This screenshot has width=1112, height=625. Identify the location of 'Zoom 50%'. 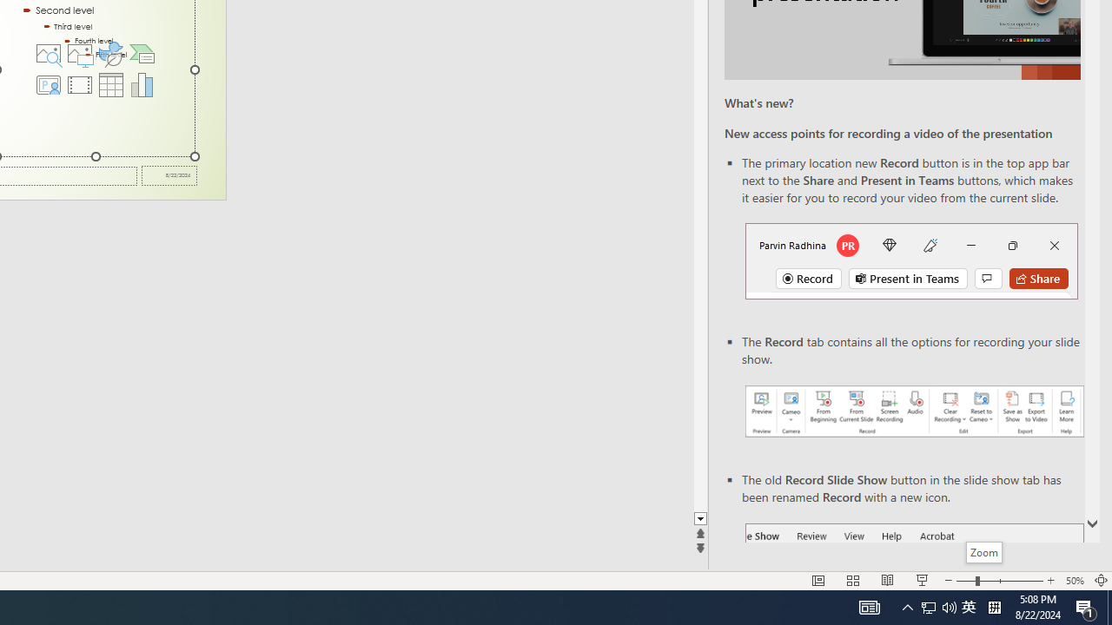
(1074, 581).